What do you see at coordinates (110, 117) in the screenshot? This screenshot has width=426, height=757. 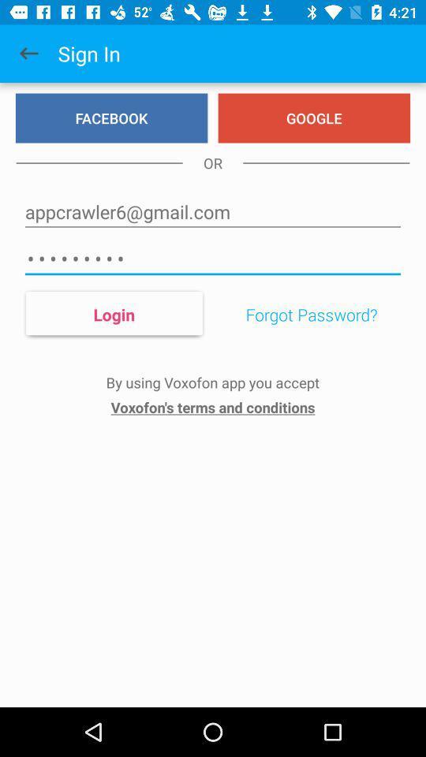 I see `icon below sign in item` at bounding box center [110, 117].